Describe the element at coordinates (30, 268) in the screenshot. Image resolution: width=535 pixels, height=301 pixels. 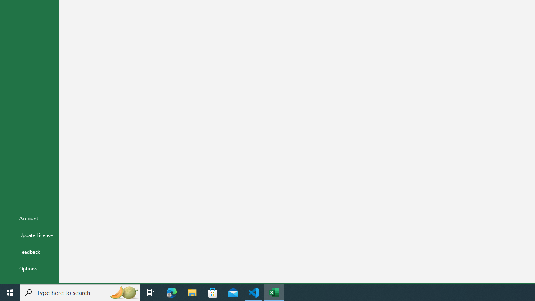
I see `'Options'` at that location.